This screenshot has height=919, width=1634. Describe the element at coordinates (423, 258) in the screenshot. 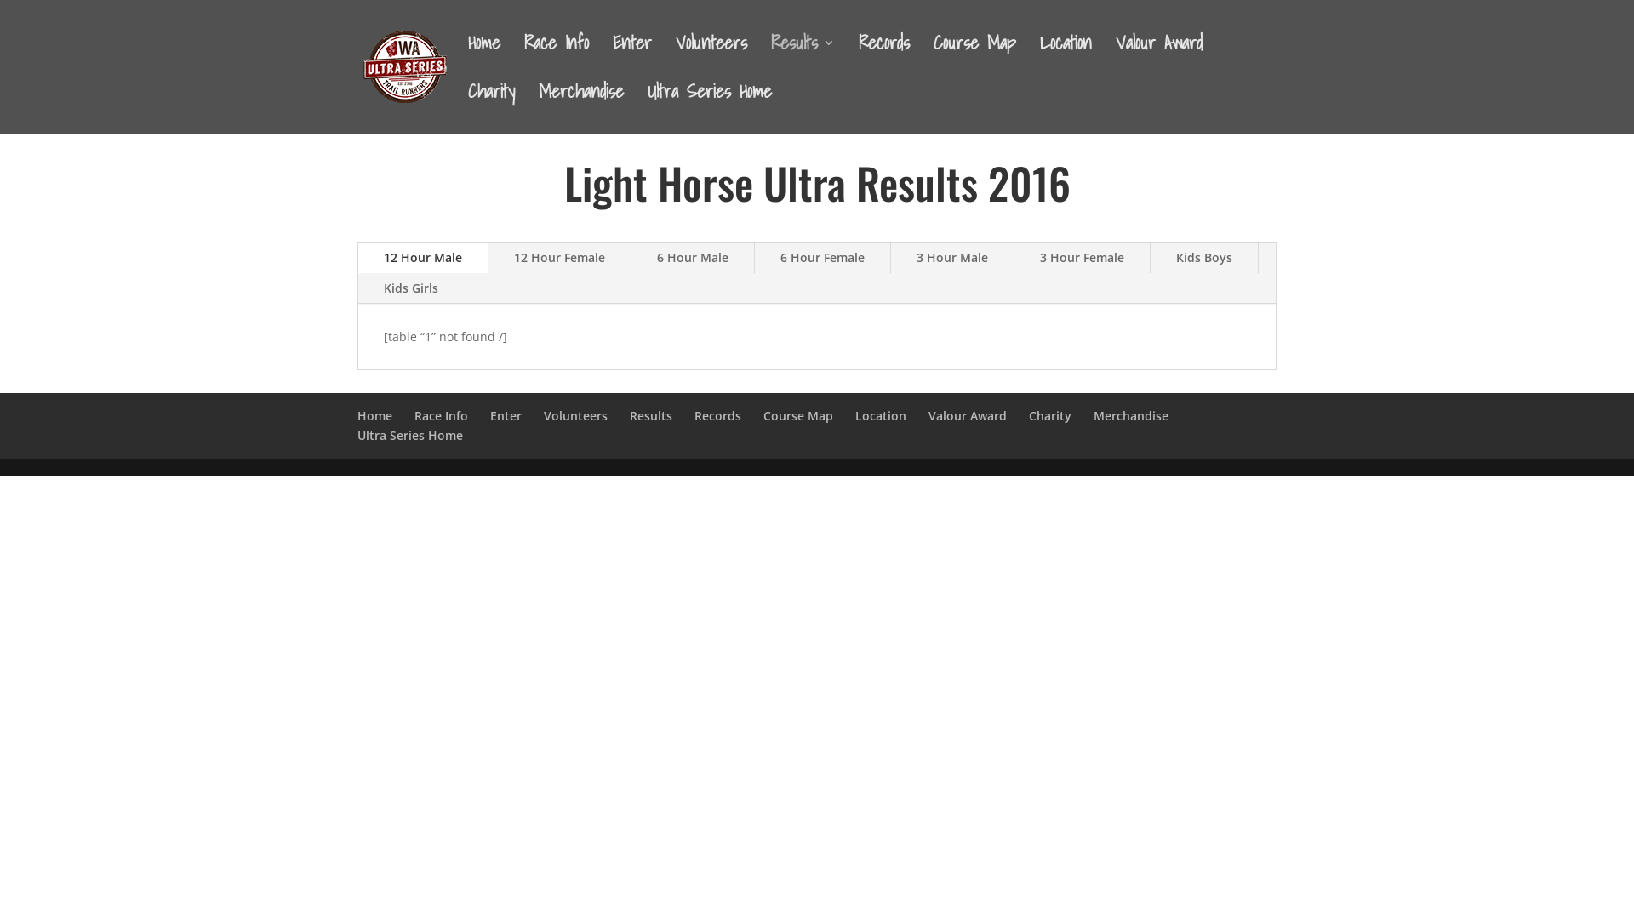

I see `'12 Hour Male'` at that location.